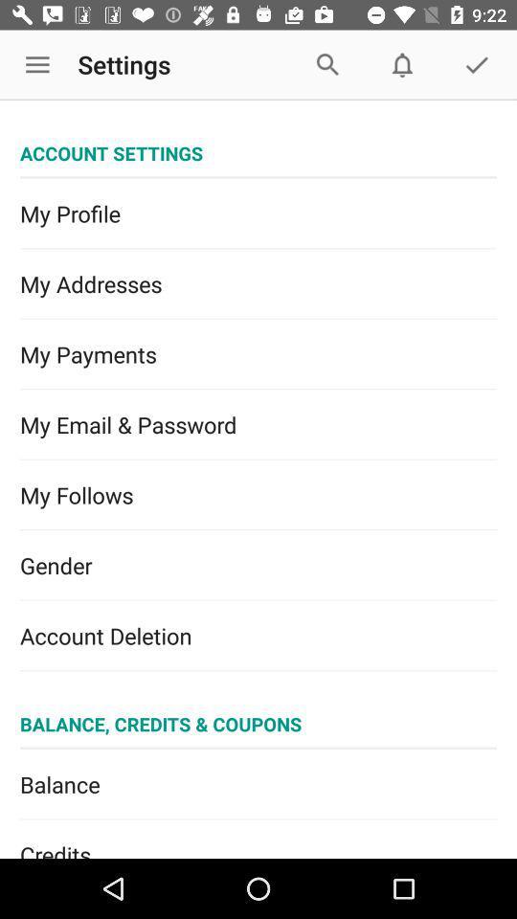  What do you see at coordinates (37, 65) in the screenshot?
I see `the icon to the left of settings app` at bounding box center [37, 65].